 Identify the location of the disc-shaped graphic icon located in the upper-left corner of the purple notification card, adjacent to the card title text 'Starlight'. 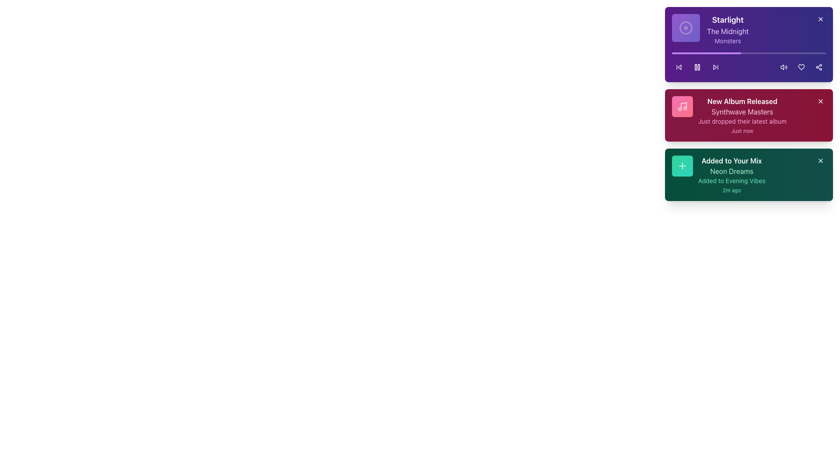
(686, 28).